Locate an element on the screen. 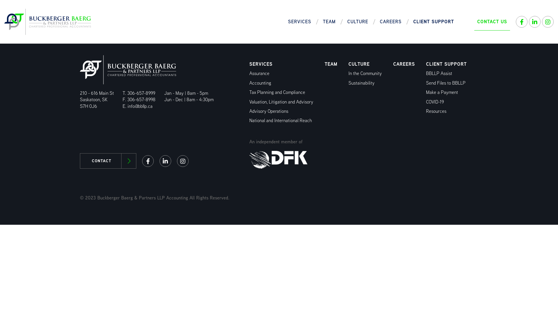 The height and width of the screenshot is (314, 558). 'BBLLP Assist' is located at coordinates (439, 73).